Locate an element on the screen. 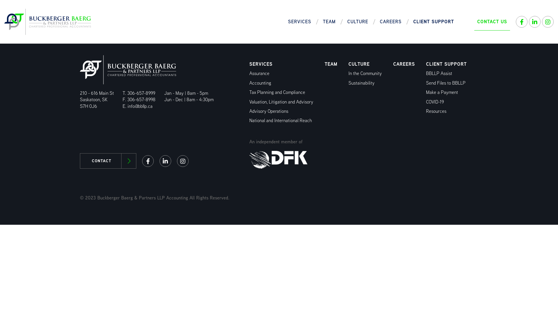 The height and width of the screenshot is (314, 558). 'BBLLP Assist' is located at coordinates (439, 73).